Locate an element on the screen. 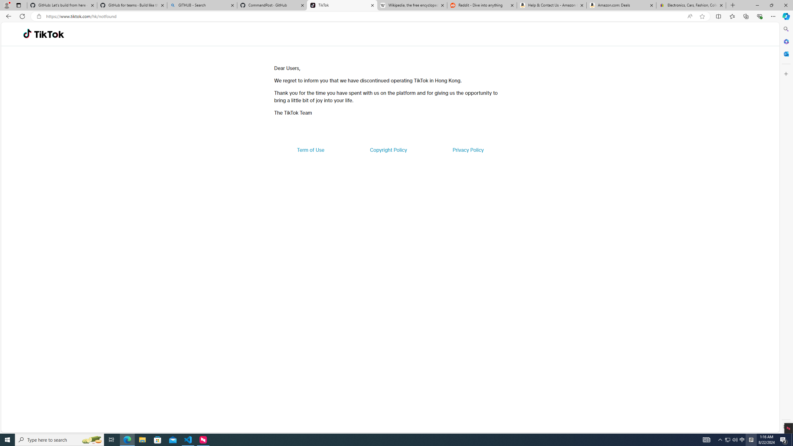 The image size is (793, 446). 'View site information' is located at coordinates (39, 16).